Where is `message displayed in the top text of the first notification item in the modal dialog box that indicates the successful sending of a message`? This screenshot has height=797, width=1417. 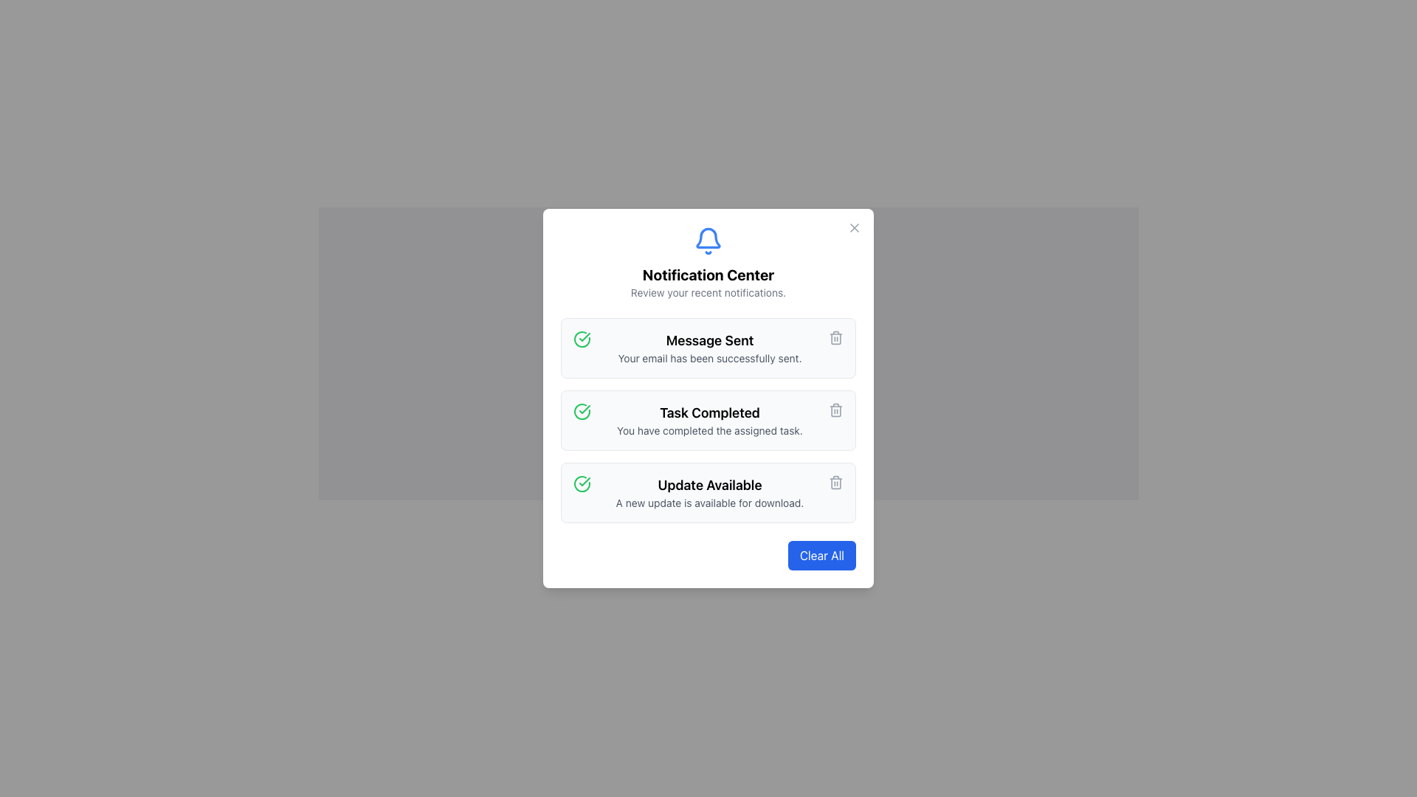 message displayed in the top text of the first notification item in the modal dialog box that indicates the successful sending of a message is located at coordinates (709, 341).